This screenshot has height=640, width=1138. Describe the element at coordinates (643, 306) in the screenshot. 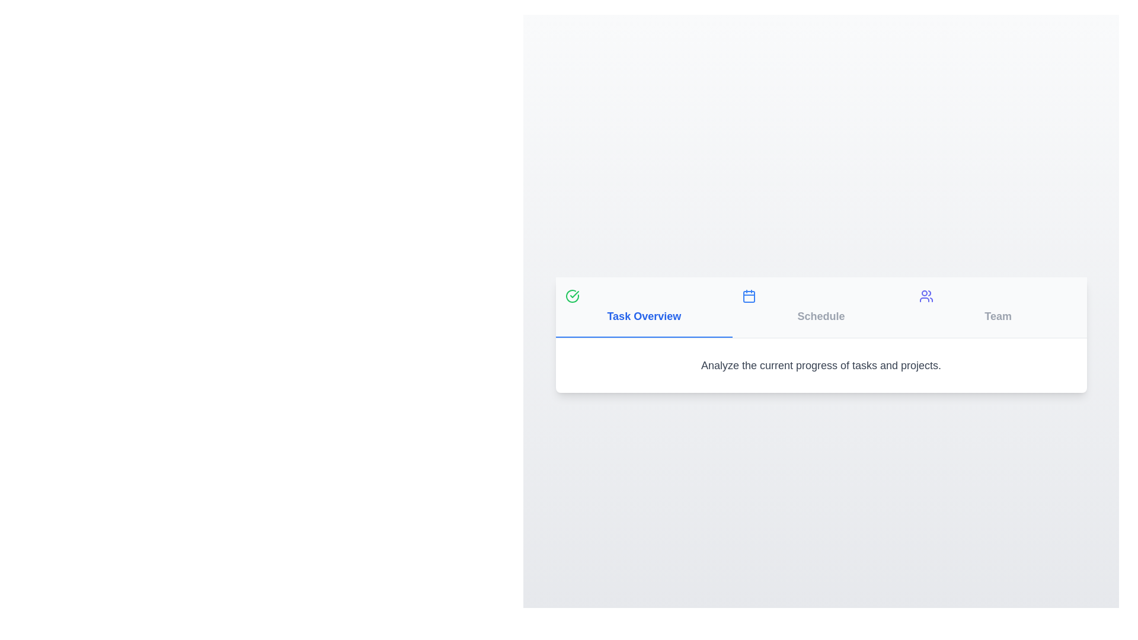

I see `the tab labeled Task Overview to select it` at that location.